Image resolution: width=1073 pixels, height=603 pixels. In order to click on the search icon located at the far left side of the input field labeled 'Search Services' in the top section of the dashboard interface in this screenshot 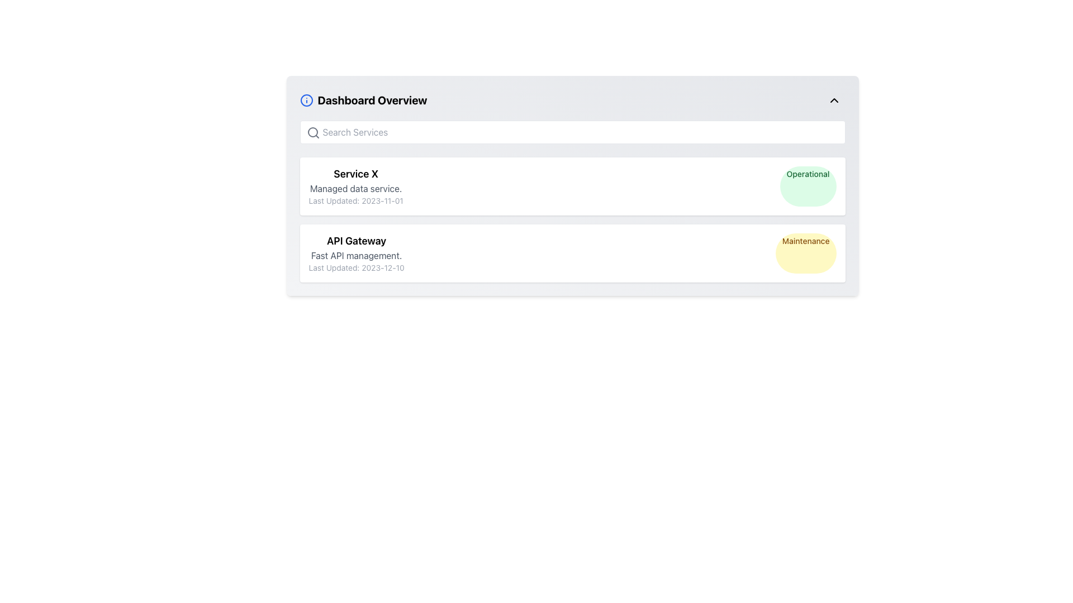, I will do `click(313, 132)`.